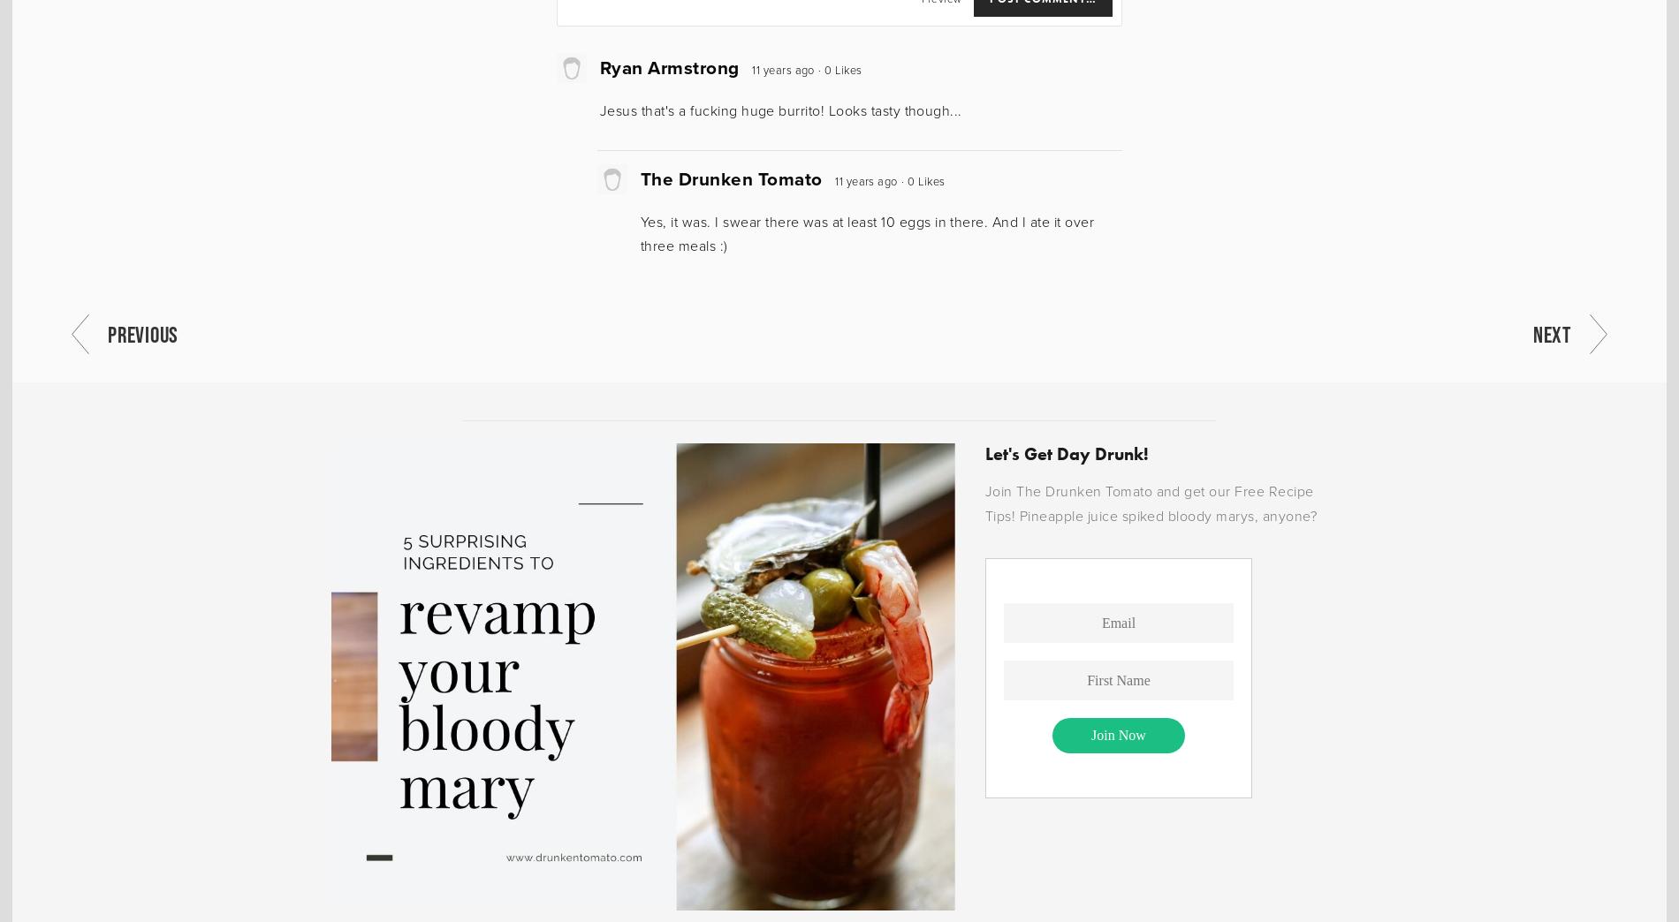  What do you see at coordinates (1151, 503) in the screenshot?
I see `'Join The Drunken Tomato and get our Free Recipe Tips! Pineapple juice spiked bloody marys, anyone?'` at bounding box center [1151, 503].